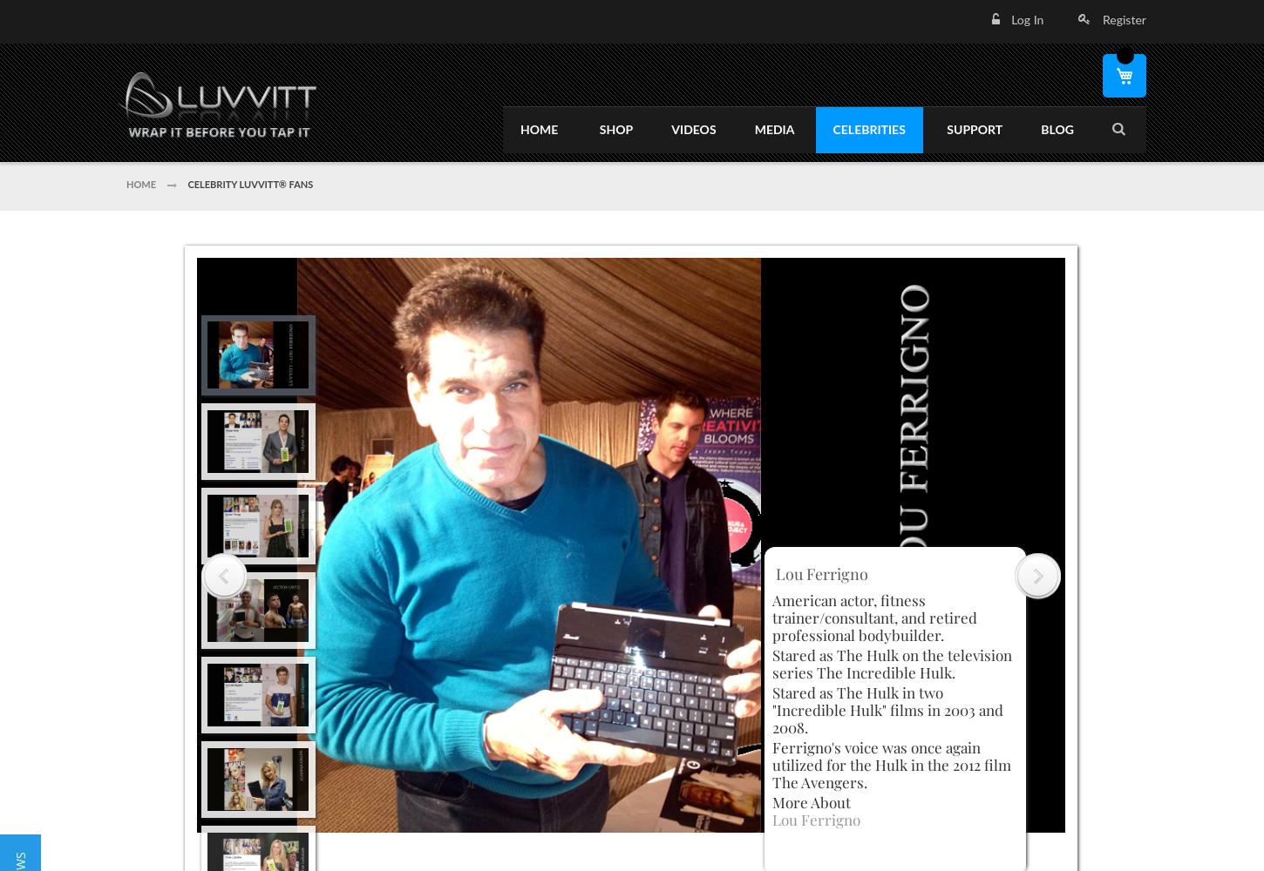 The height and width of the screenshot is (871, 1264). I want to click on 'Register', so click(1123, 21).